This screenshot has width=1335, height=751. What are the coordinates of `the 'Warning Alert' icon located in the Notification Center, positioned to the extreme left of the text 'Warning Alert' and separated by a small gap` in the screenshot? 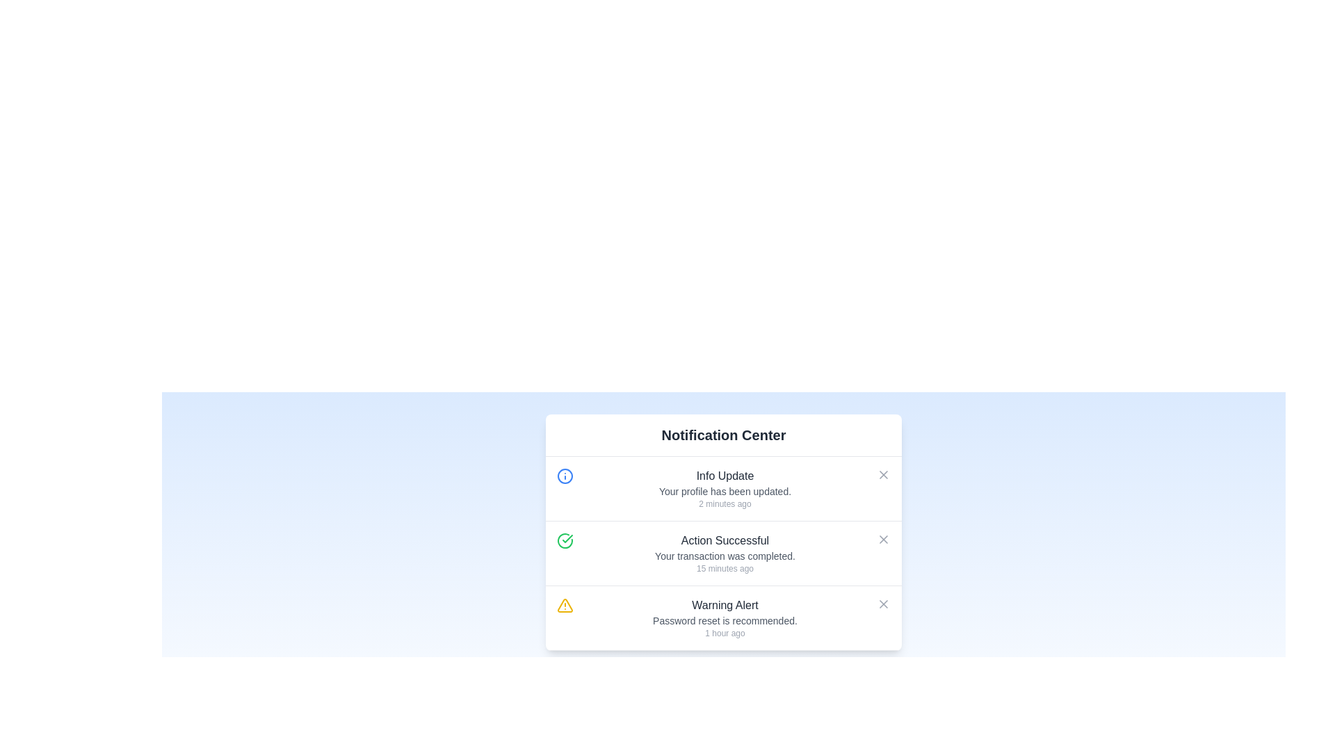 It's located at (565, 605).